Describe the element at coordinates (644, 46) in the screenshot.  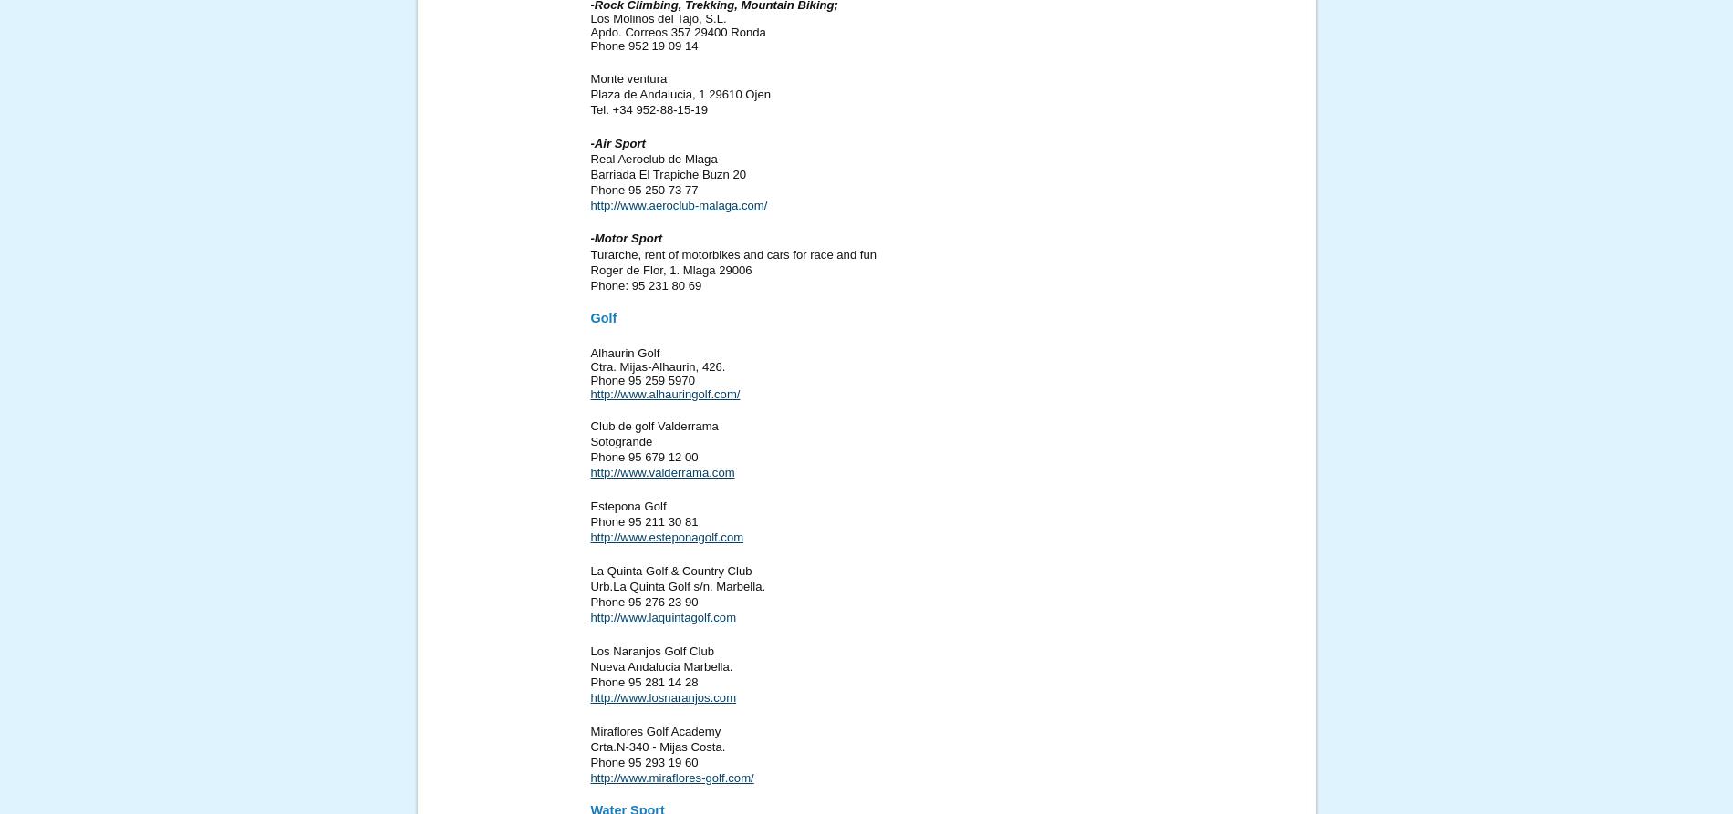
I see `'Phone 952 19 09 14'` at that location.